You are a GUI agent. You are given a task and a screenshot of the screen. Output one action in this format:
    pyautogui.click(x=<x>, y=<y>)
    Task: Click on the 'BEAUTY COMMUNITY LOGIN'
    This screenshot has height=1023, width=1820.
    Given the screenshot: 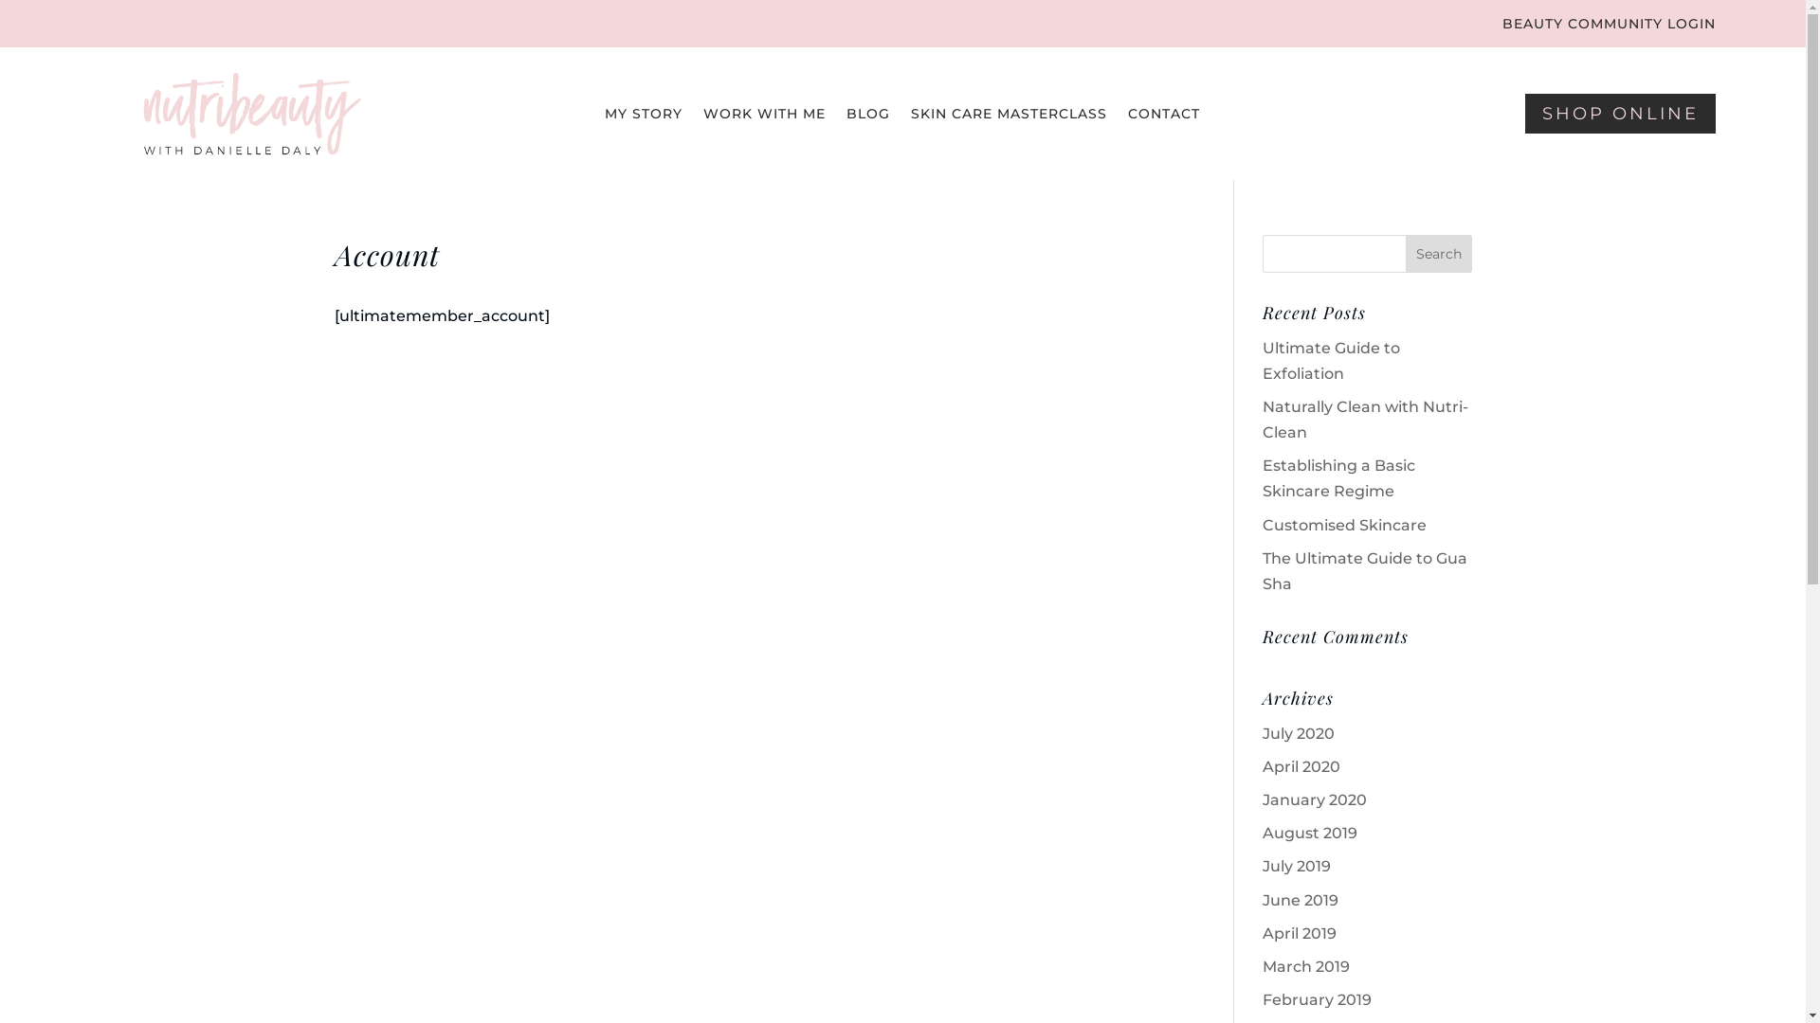 What is the action you would take?
    pyautogui.click(x=1501, y=27)
    